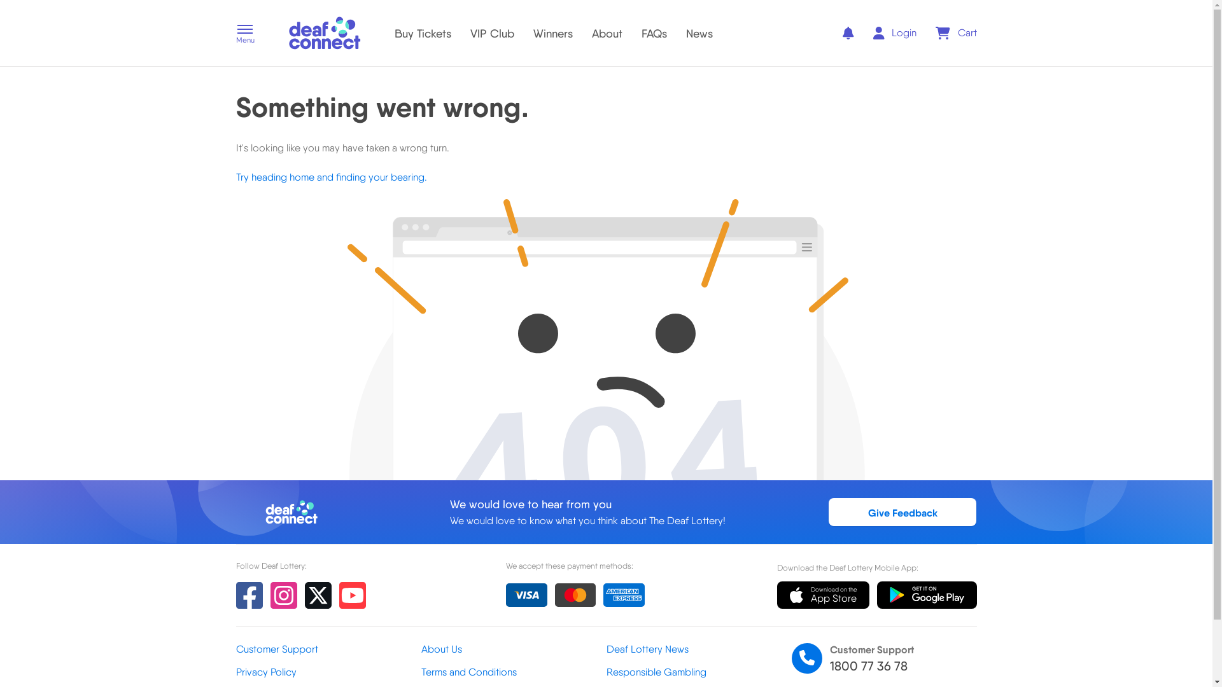 The height and width of the screenshot is (687, 1222). I want to click on 'Cart', so click(956, 32).